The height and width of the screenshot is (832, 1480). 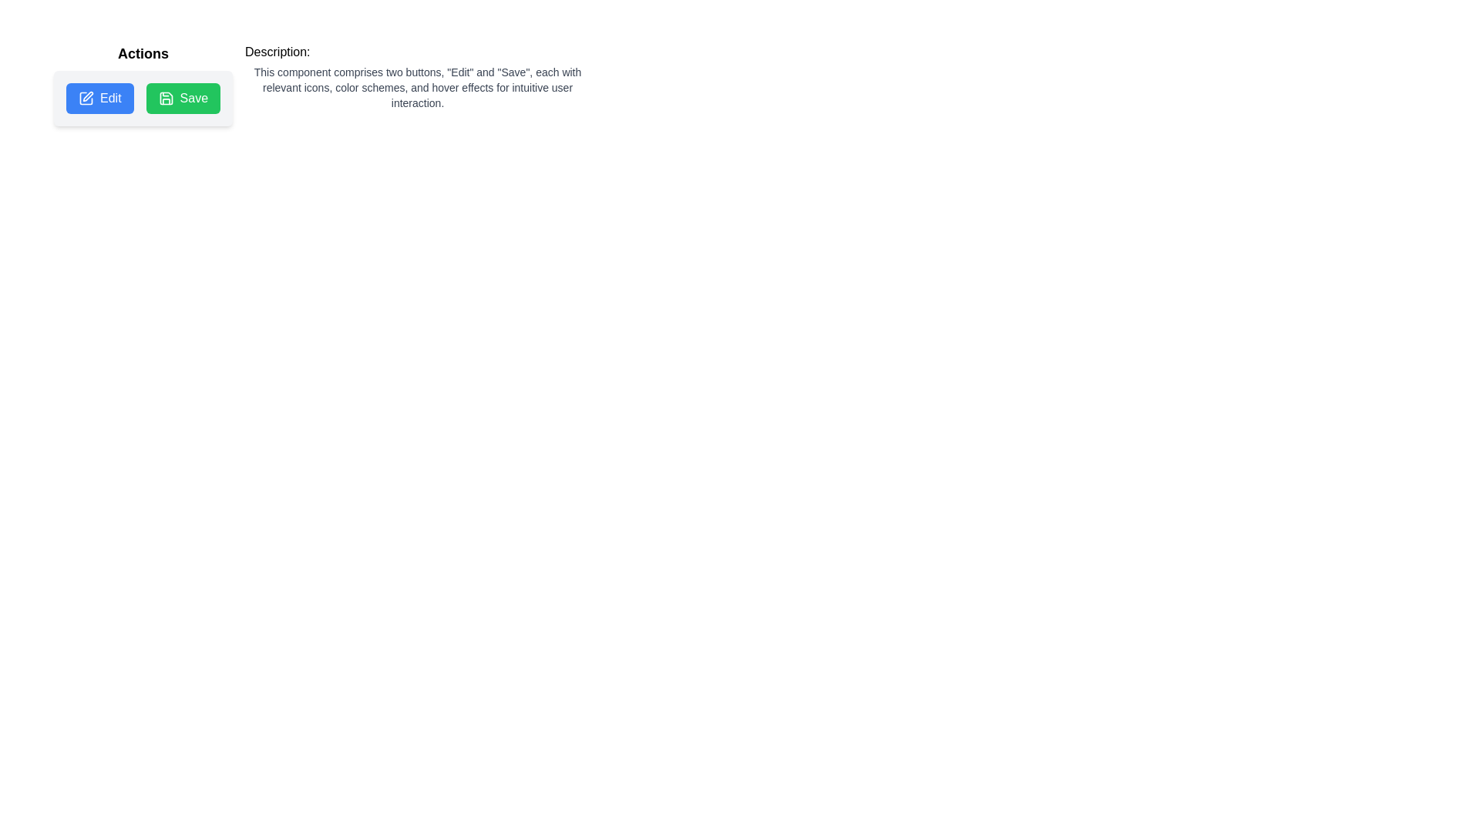 What do you see at coordinates (143, 52) in the screenshot?
I see `the text label 'Actions', which is styled in a bold and large font and located above the 'Edit' and 'Save' buttons` at bounding box center [143, 52].